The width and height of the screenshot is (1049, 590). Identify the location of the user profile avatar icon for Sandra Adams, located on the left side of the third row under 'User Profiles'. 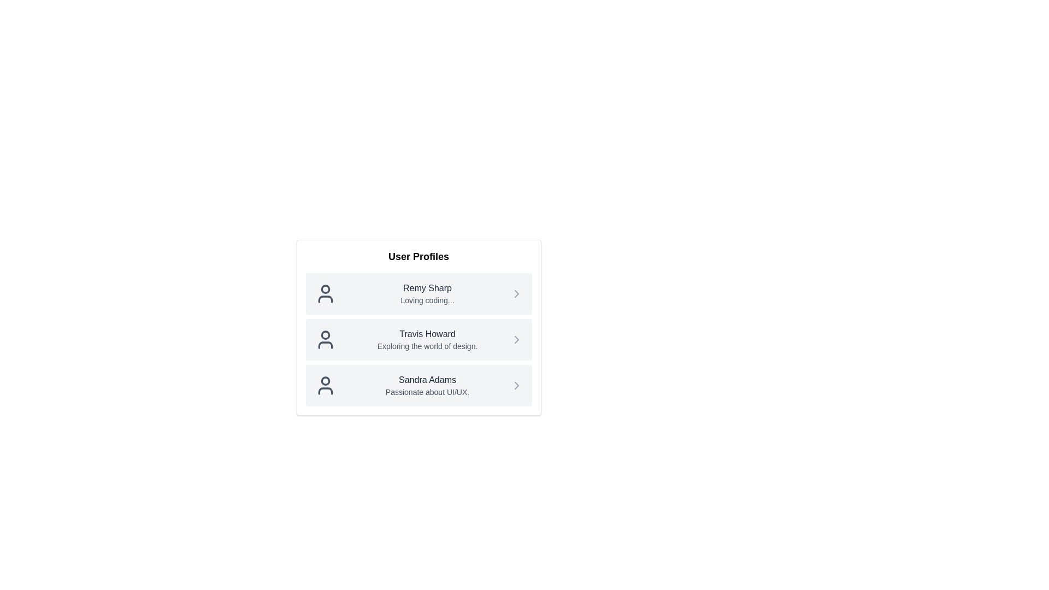
(325, 385).